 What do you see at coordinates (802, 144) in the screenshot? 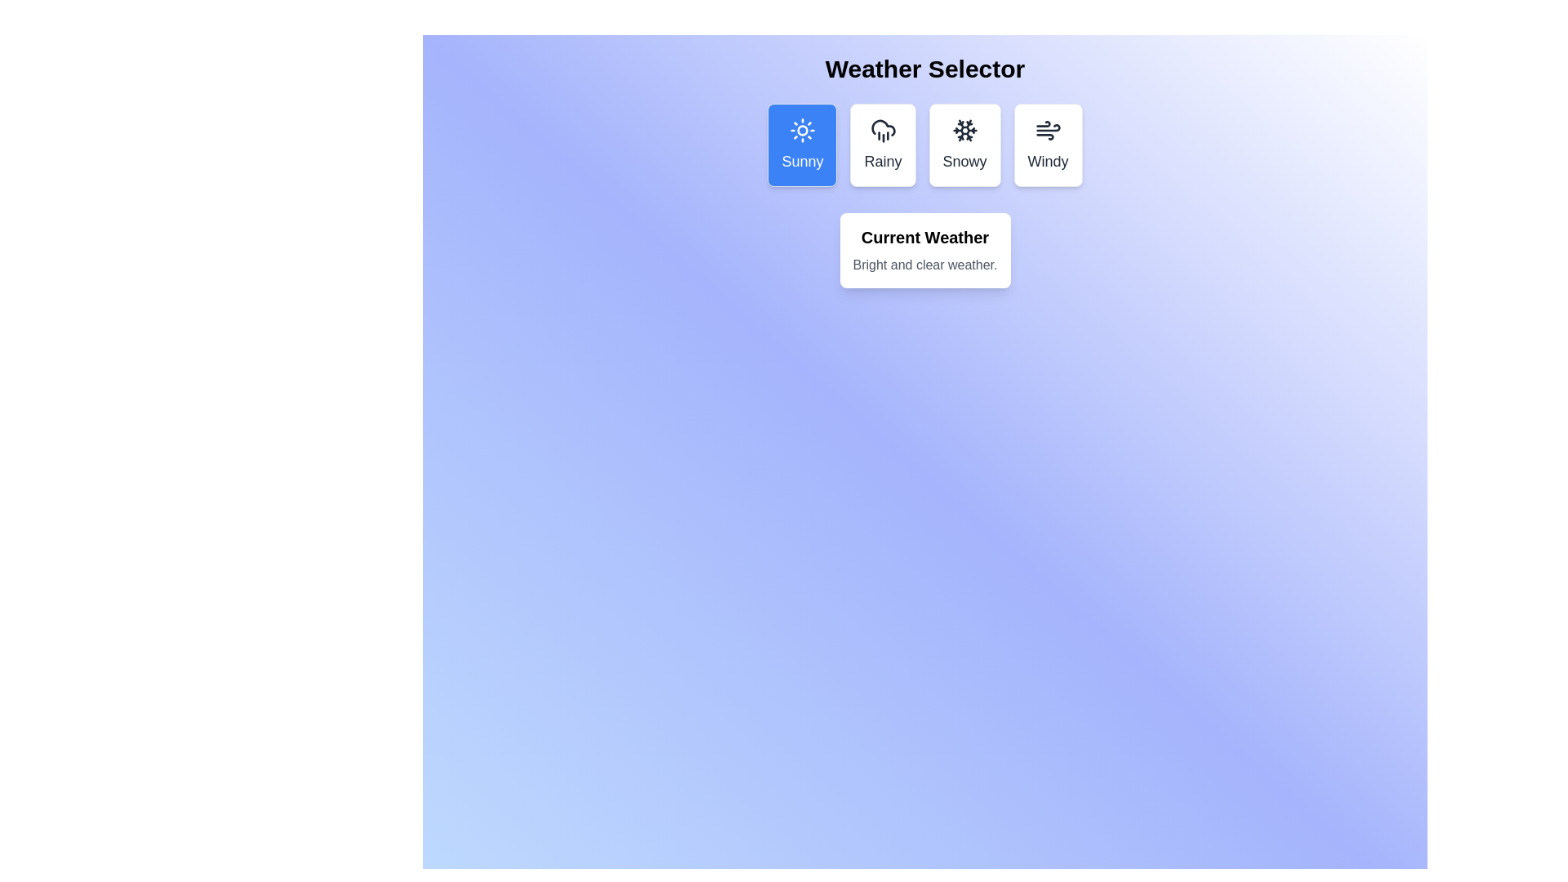
I see `the weather option Sunny by clicking on the respective button` at bounding box center [802, 144].